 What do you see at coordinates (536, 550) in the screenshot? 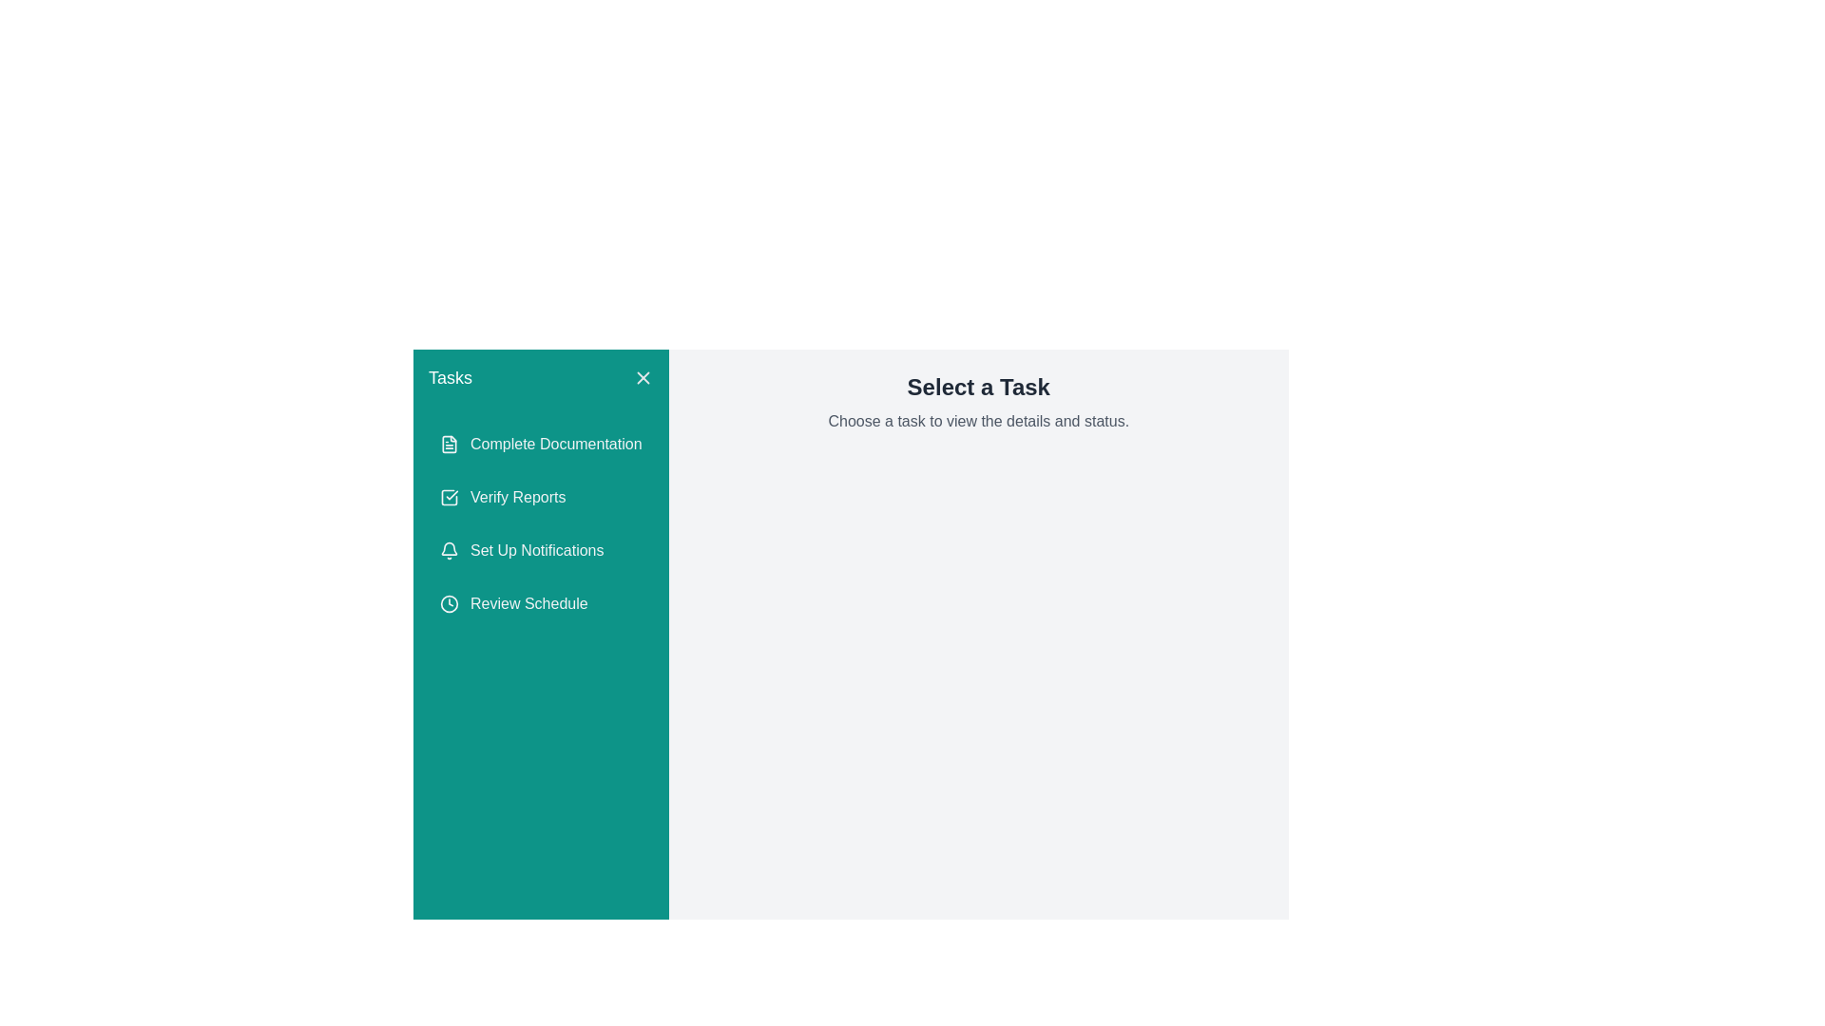
I see `the Text Label for setting up notifications, which is the third item` at bounding box center [536, 550].